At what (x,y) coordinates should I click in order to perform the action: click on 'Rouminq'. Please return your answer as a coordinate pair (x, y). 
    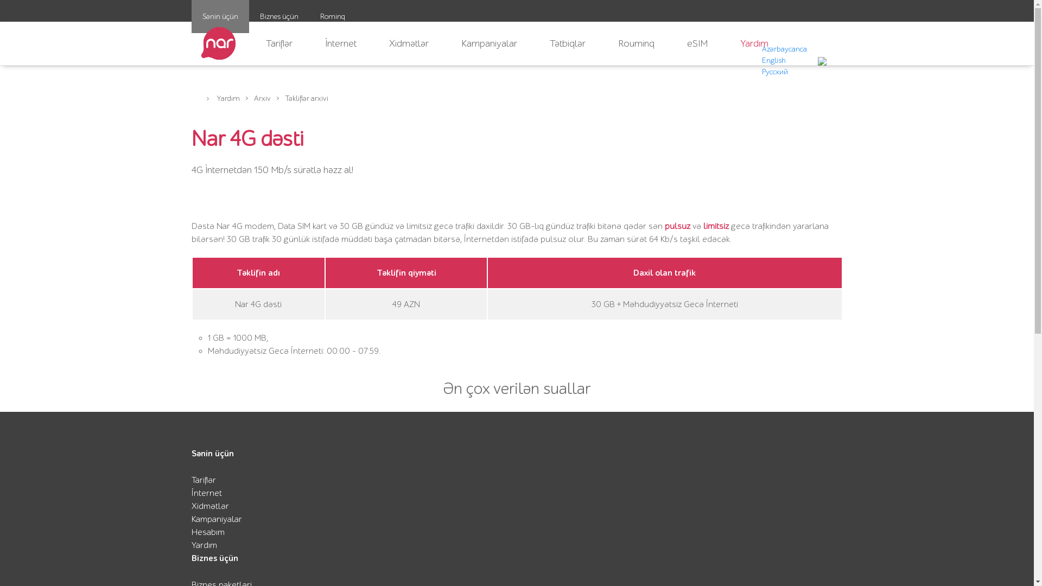
    Looking at the image, I should click on (636, 43).